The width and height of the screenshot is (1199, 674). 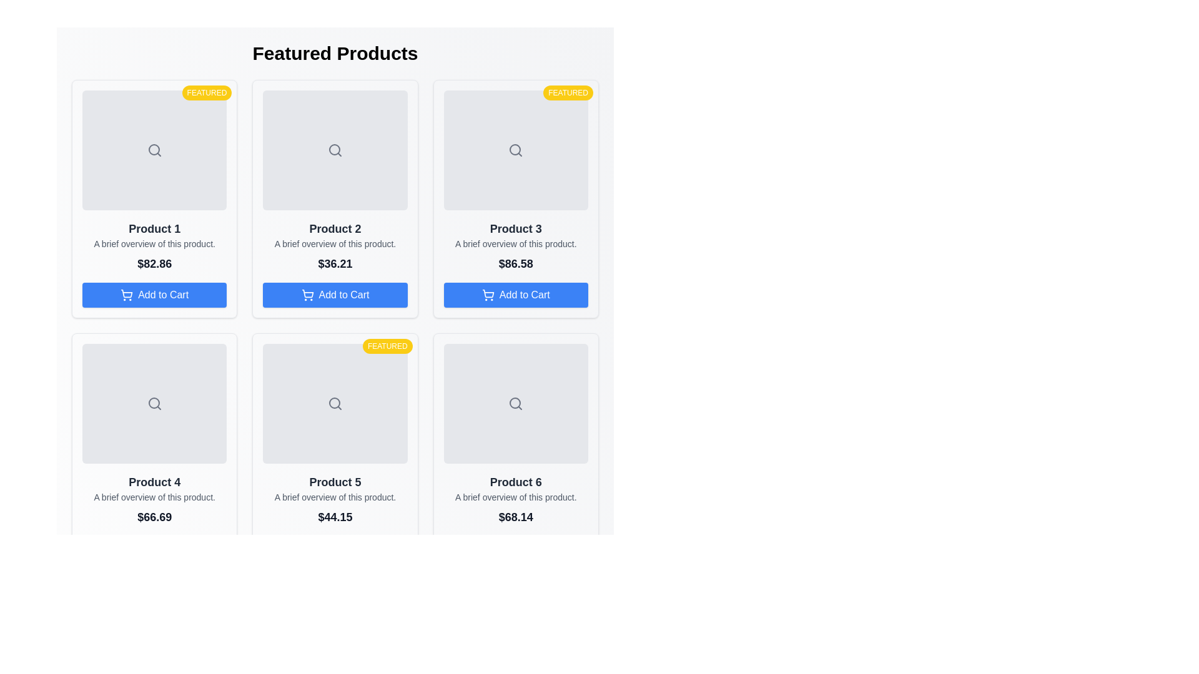 I want to click on the image placeholder with an icon in the product card for 'Product 6', so click(x=516, y=404).